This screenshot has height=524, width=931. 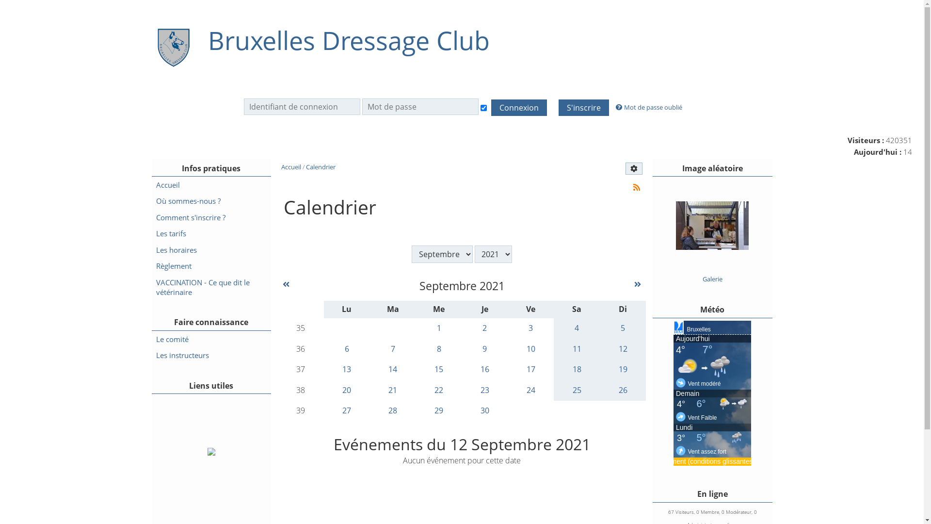 What do you see at coordinates (554, 370) in the screenshot?
I see `'18'` at bounding box center [554, 370].